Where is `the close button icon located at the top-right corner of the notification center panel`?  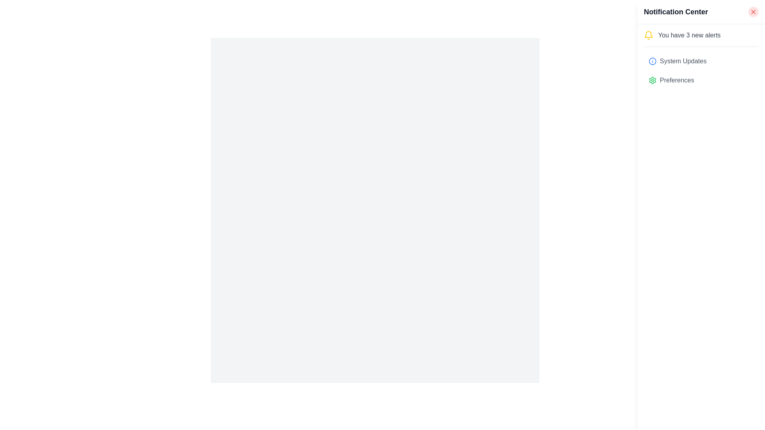 the close button icon located at the top-right corner of the notification center panel is located at coordinates (753, 12).